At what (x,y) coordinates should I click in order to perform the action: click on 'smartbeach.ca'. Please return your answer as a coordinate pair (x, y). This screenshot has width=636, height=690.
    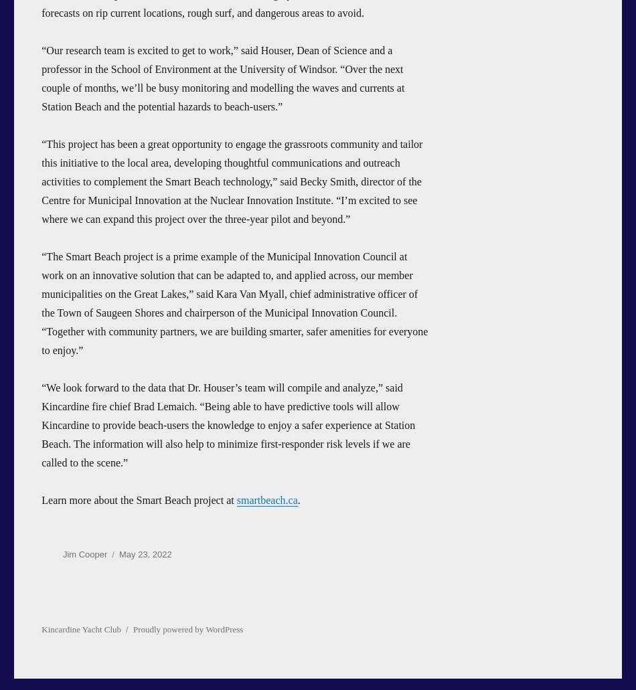
    Looking at the image, I should click on (236, 499).